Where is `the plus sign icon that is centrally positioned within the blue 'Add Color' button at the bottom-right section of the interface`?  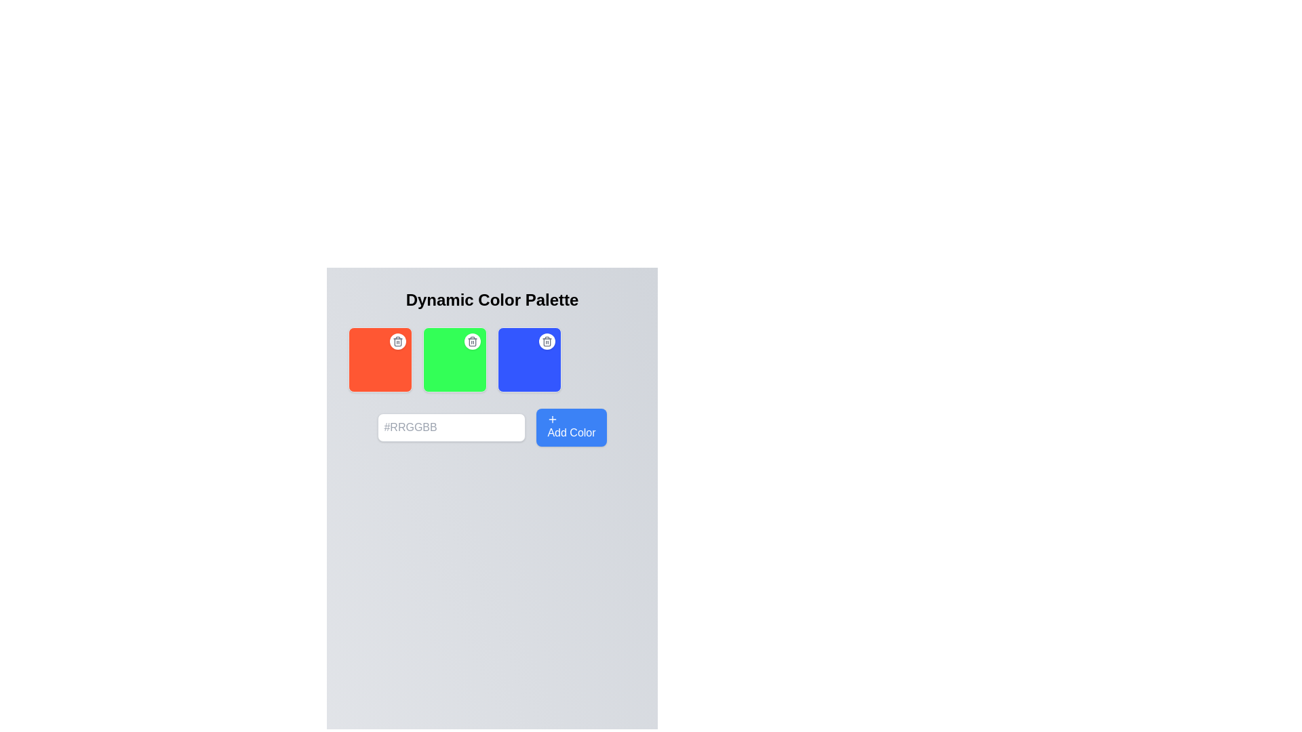
the plus sign icon that is centrally positioned within the blue 'Add Color' button at the bottom-right section of the interface is located at coordinates (553, 418).